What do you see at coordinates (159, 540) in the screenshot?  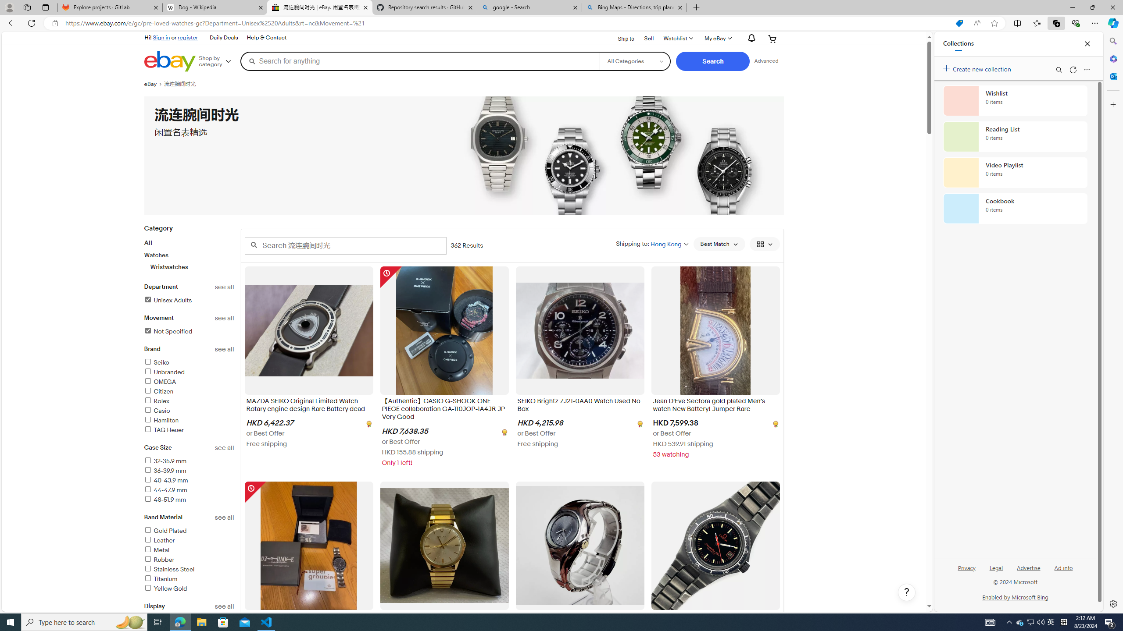 I see `'Leather'` at bounding box center [159, 540].